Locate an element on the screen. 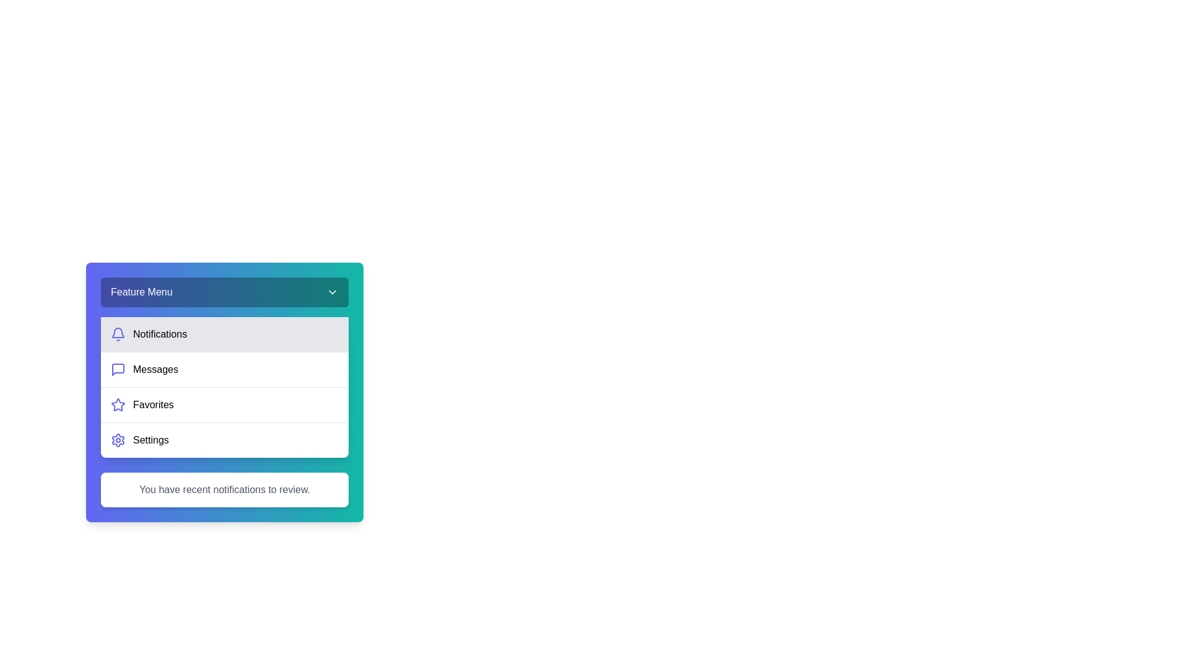  the settings icon located at the bottom of the vertical menu next to the 'Settings' label is located at coordinates (118, 439).